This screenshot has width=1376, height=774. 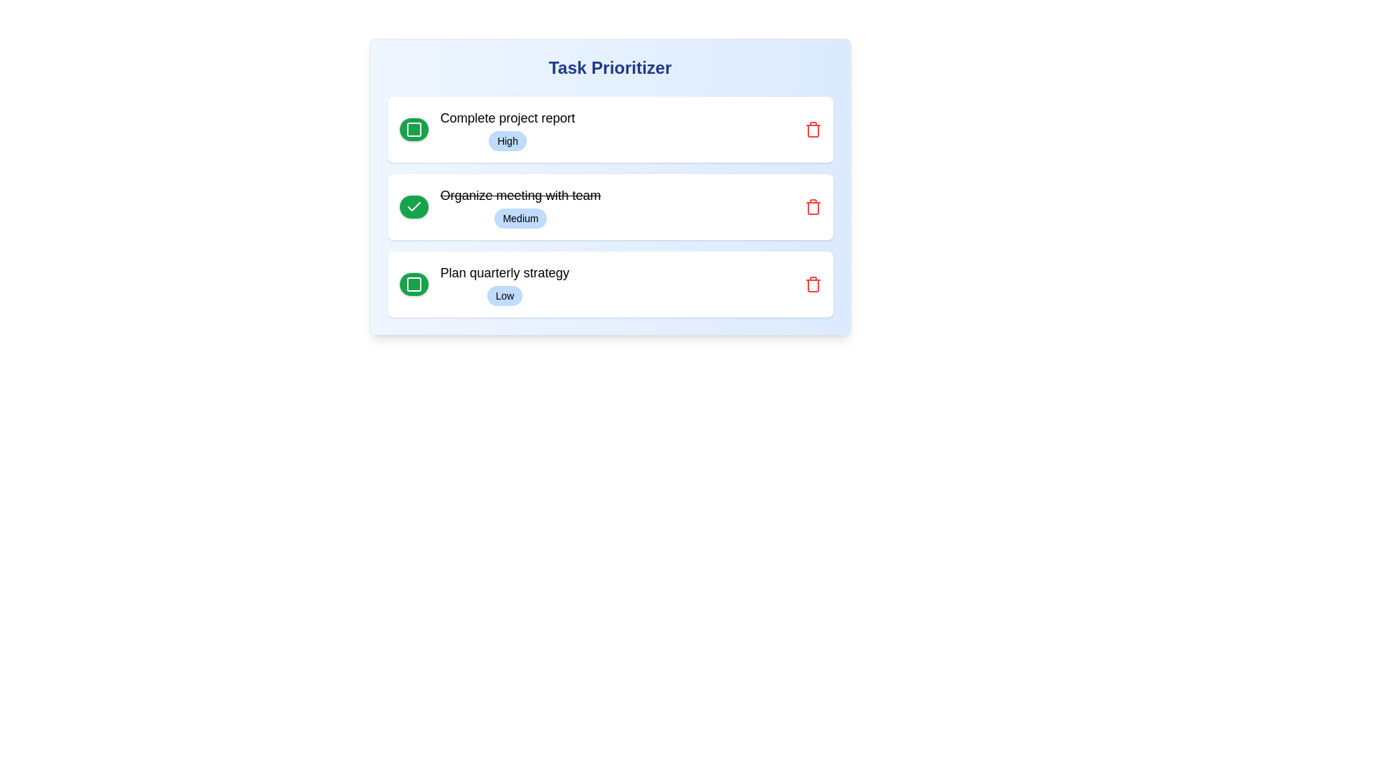 What do you see at coordinates (413, 285) in the screenshot?
I see `the square icon with rounded corners located inside the larger green square, which is the third list item associated with the 'Plan quarterly strategy' task` at bounding box center [413, 285].